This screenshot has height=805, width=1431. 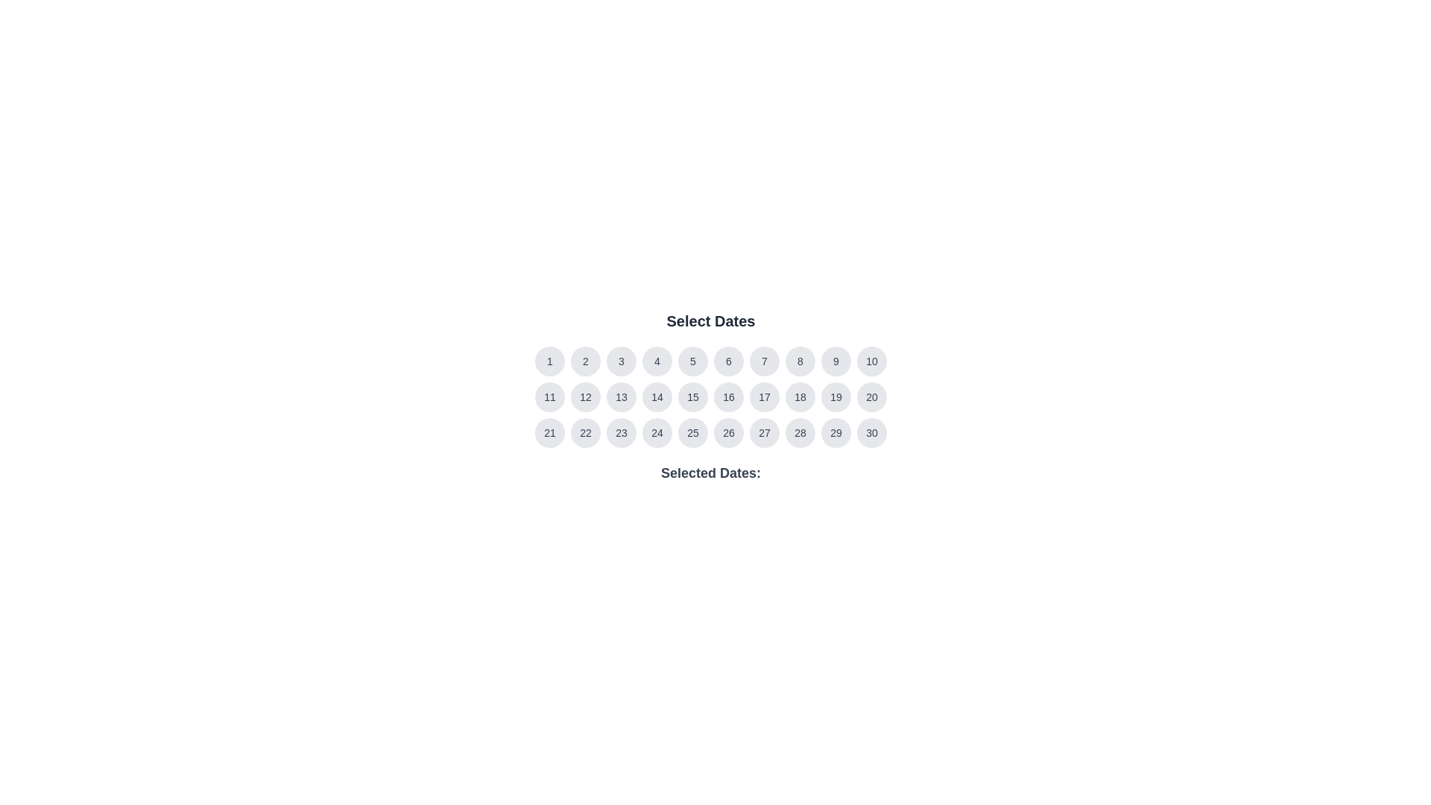 I want to click on the circular button with a light gray background and the number '8' in dark gray text, so click(x=800, y=362).